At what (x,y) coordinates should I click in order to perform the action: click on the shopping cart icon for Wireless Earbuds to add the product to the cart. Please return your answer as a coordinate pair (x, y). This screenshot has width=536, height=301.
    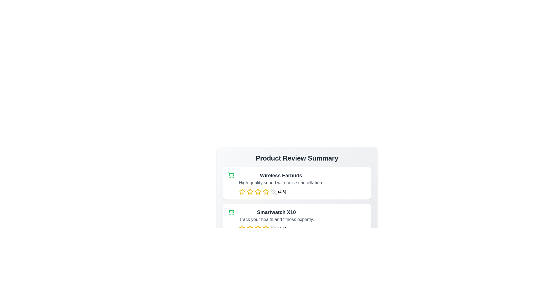
    Looking at the image, I should click on (231, 175).